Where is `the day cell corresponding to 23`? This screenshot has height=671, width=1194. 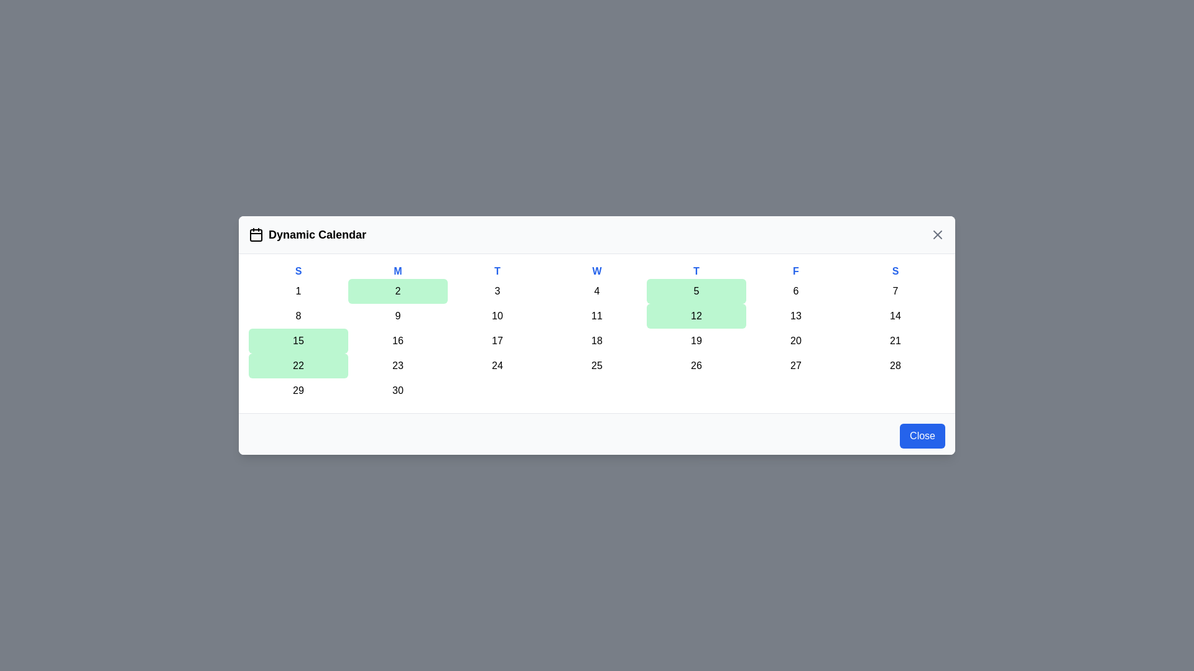
the day cell corresponding to 23 is located at coordinates (397, 365).